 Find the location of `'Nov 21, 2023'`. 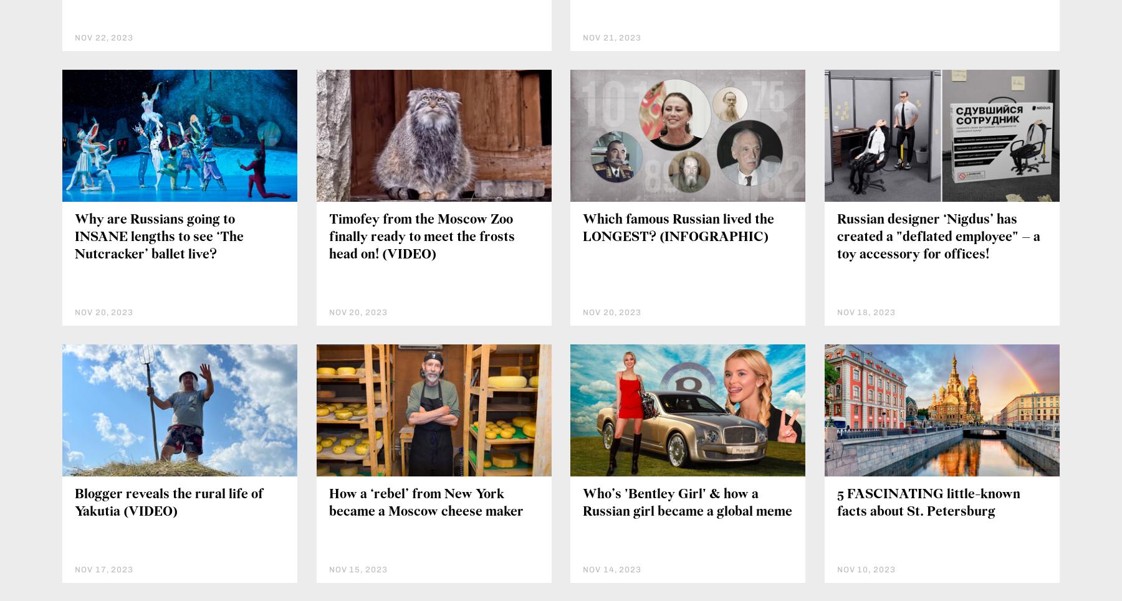

'Nov 21, 2023' is located at coordinates (611, 37).